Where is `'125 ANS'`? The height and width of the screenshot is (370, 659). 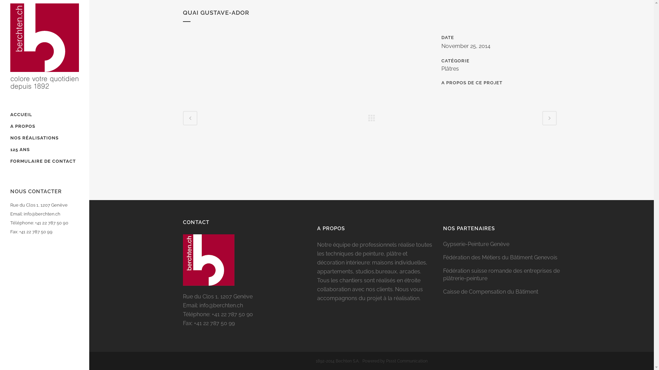
'125 ANS' is located at coordinates (10, 149).